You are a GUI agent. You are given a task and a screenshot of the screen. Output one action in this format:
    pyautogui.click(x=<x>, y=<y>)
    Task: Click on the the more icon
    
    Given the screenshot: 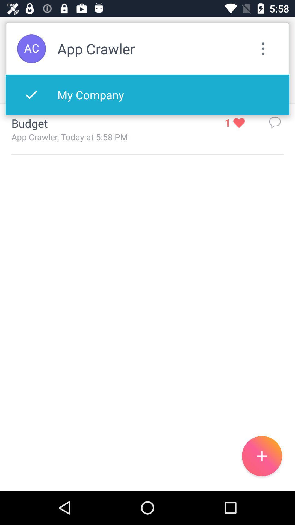 What is the action you would take?
    pyautogui.click(x=263, y=49)
    